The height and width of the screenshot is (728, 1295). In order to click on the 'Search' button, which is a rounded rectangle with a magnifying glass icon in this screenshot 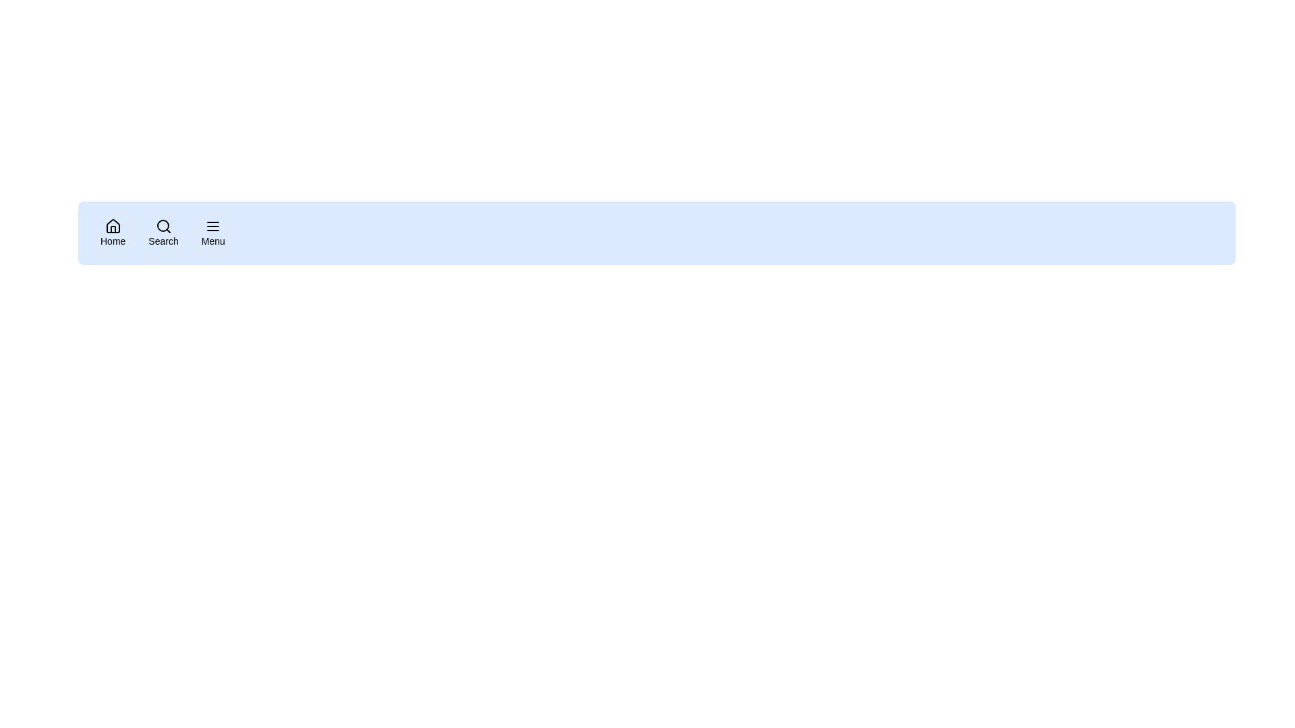, I will do `click(163, 233)`.